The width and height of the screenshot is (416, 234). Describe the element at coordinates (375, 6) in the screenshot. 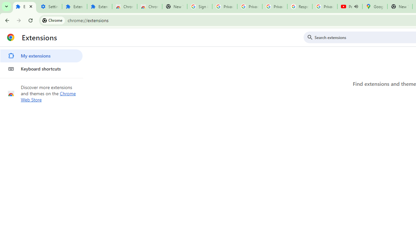

I see `'Google Maps'` at that location.